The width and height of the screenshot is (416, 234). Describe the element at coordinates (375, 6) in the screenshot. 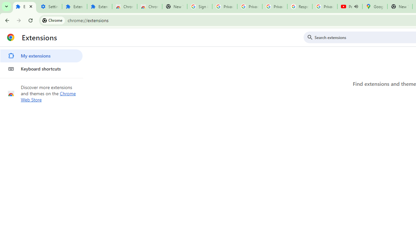

I see `'Google Maps'` at that location.